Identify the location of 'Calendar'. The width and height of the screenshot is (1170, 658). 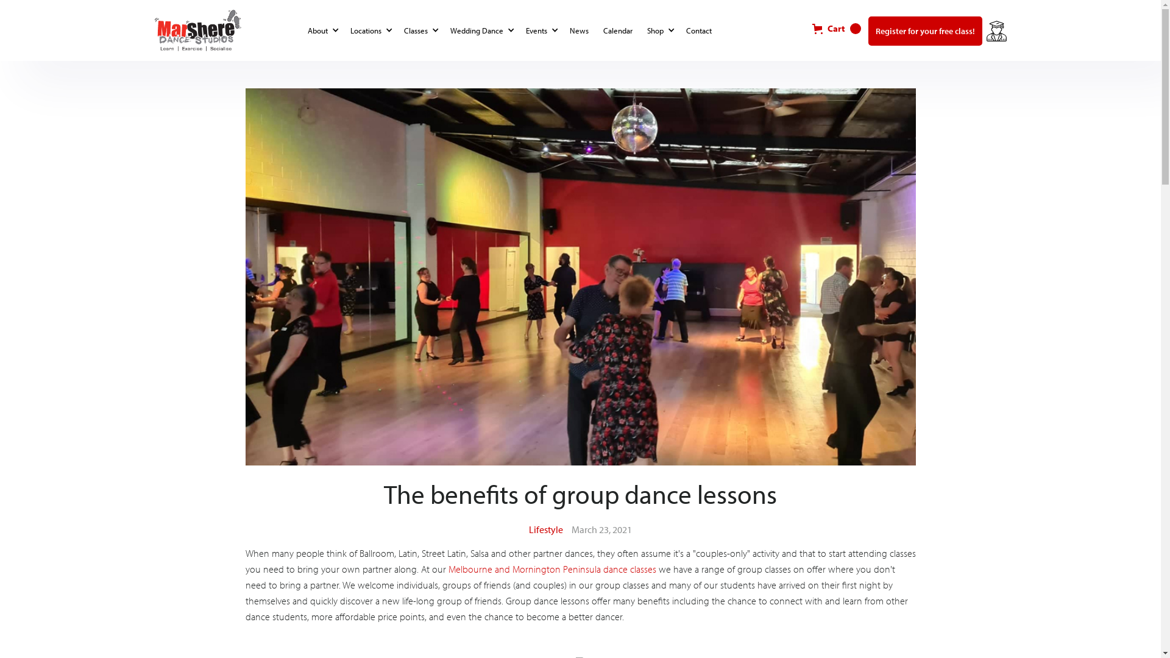
(620, 30).